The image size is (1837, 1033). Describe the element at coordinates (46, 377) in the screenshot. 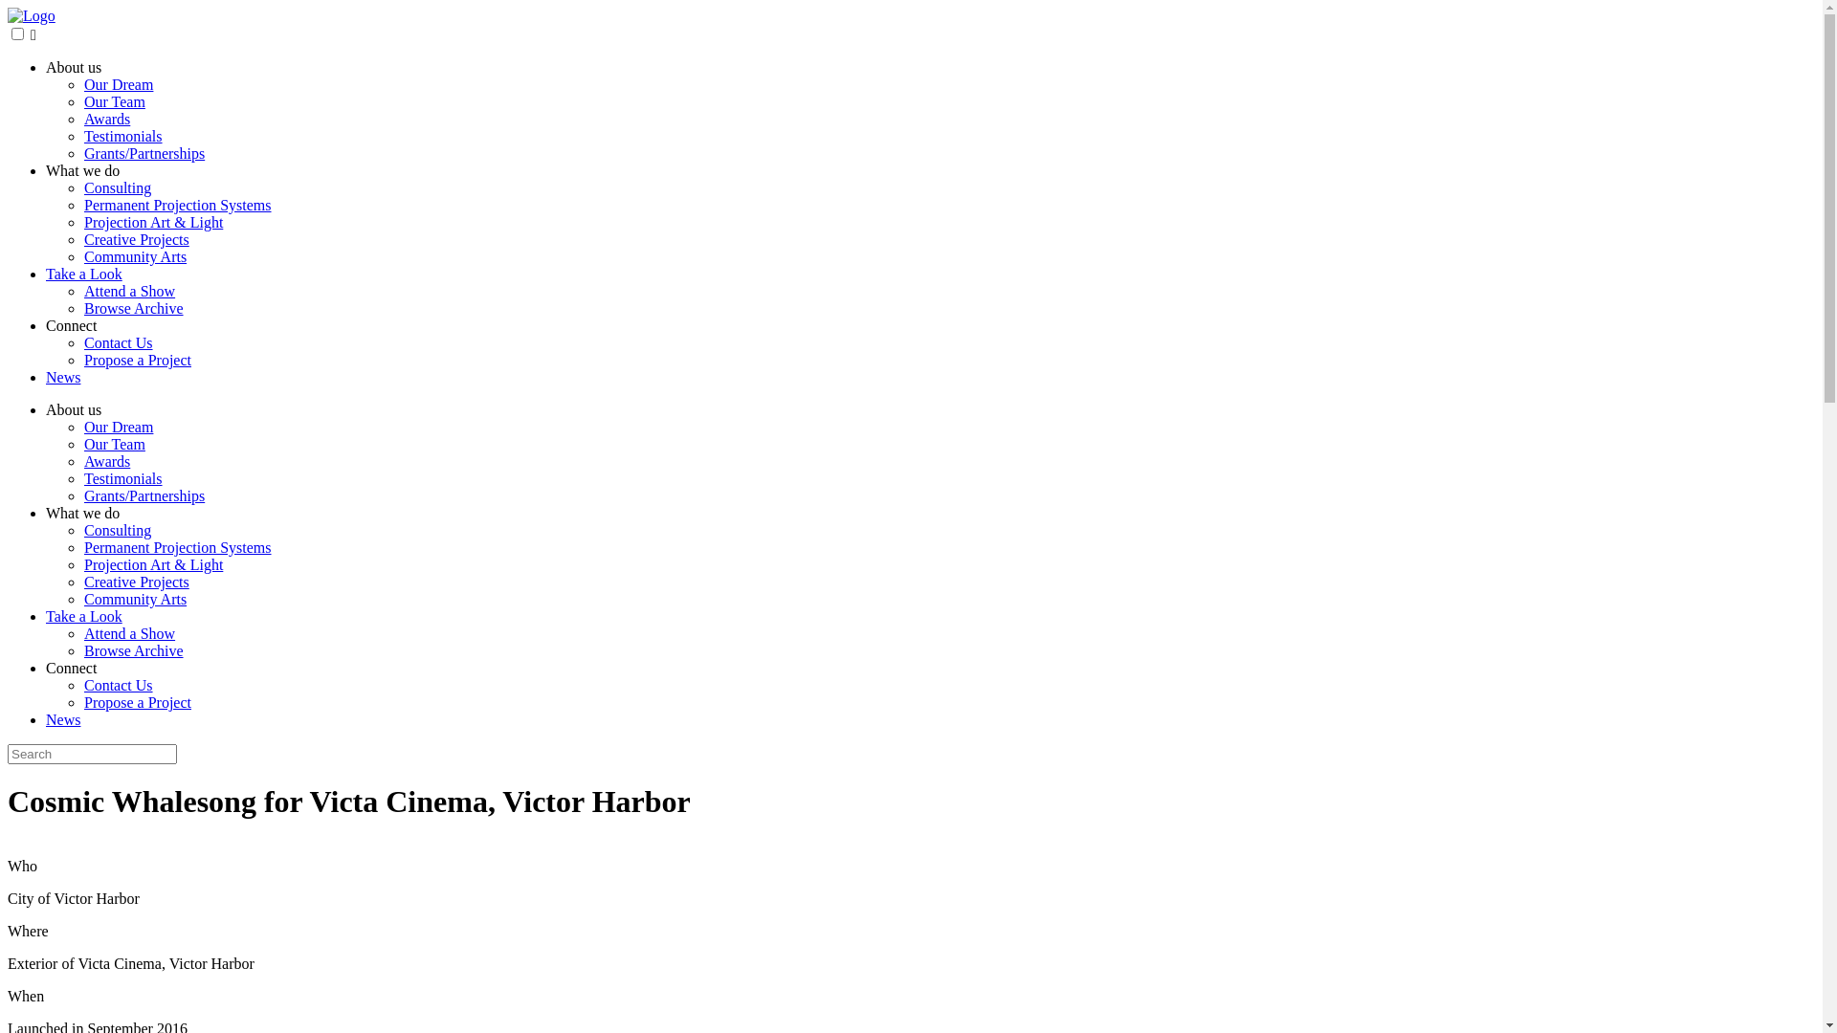

I see `'News'` at that location.